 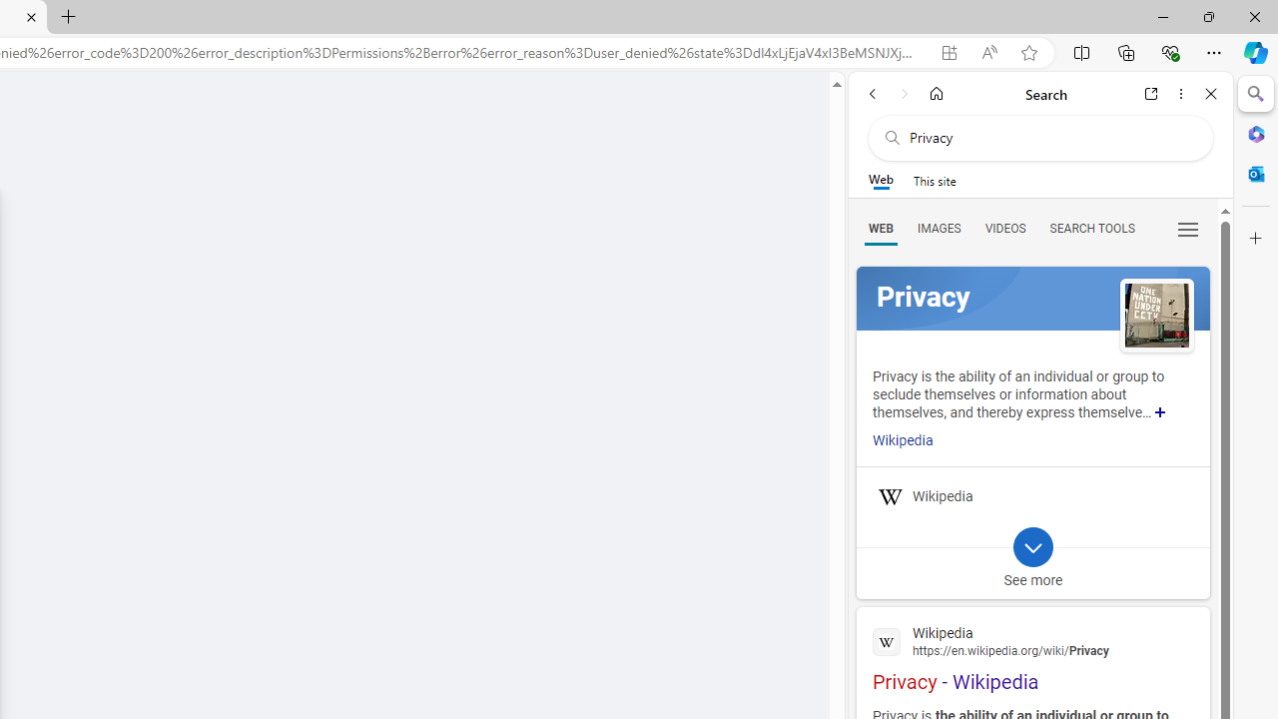 I want to click on 'VIDEOS', so click(x=1004, y=227).